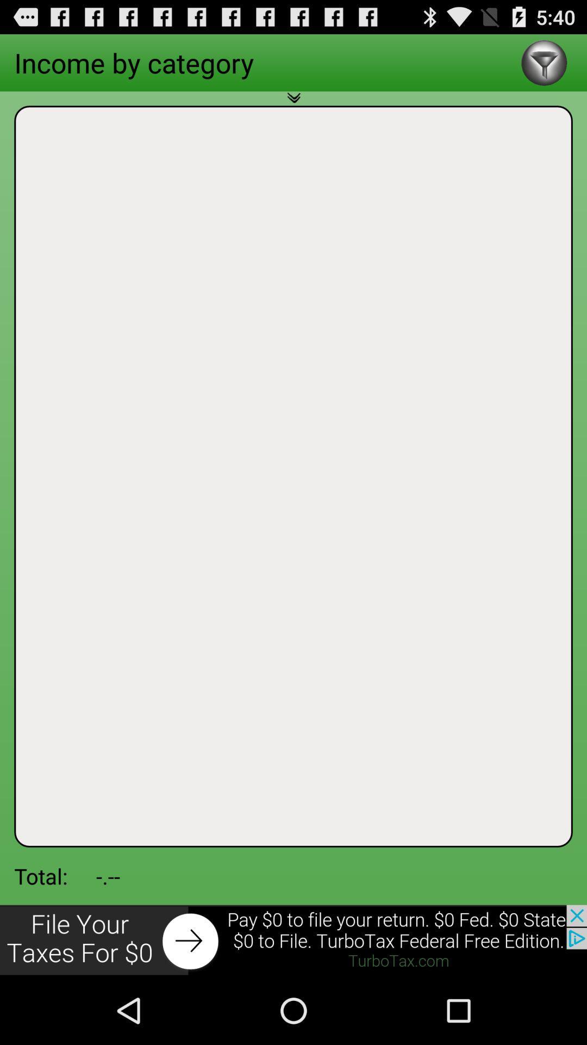 Image resolution: width=587 pixels, height=1045 pixels. I want to click on show filters, so click(544, 62).